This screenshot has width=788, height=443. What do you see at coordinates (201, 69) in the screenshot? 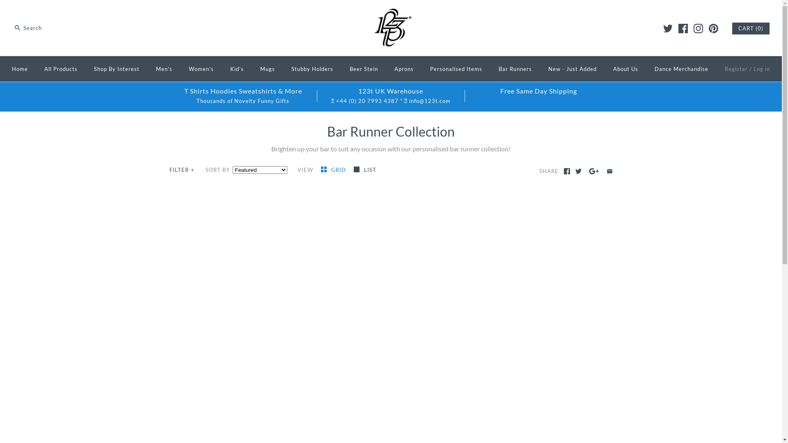
I see `'Women's'` at bounding box center [201, 69].